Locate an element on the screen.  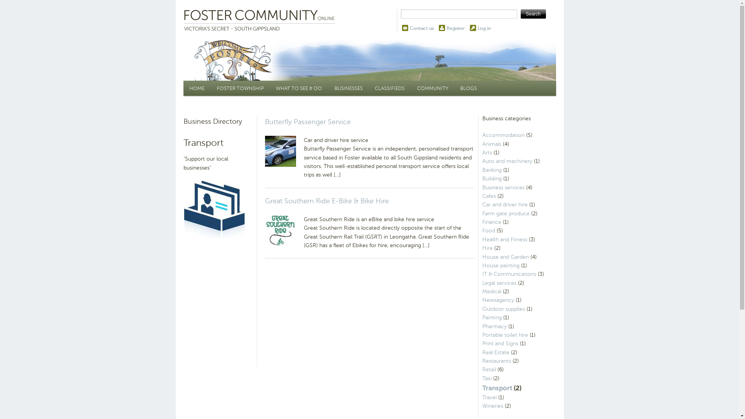
'Contact us' is located at coordinates (421, 28).